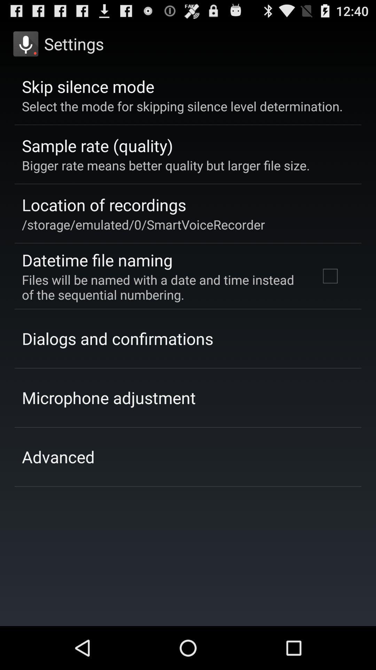  What do you see at coordinates (161, 287) in the screenshot?
I see `app above dialogs and confirmations` at bounding box center [161, 287].